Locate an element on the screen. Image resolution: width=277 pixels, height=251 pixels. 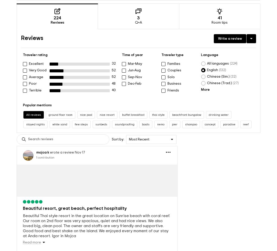
'ground floor room' is located at coordinates (60, 106).